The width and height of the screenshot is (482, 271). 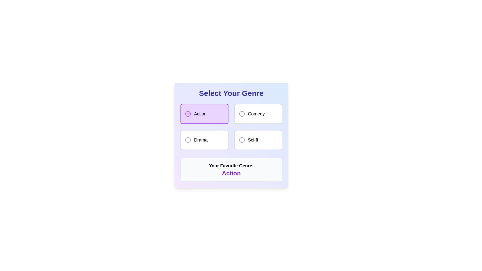 What do you see at coordinates (258, 140) in the screenshot?
I see `the 'Sci-fi' button, which is a rectangular button with a rounded border featuring a light background and the text 'Sci-fi' in bold, located in the second row of a grid layout` at bounding box center [258, 140].